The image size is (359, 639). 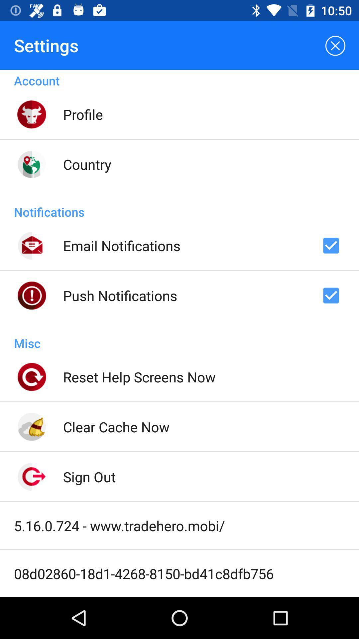 I want to click on the account item, so click(x=179, y=79).